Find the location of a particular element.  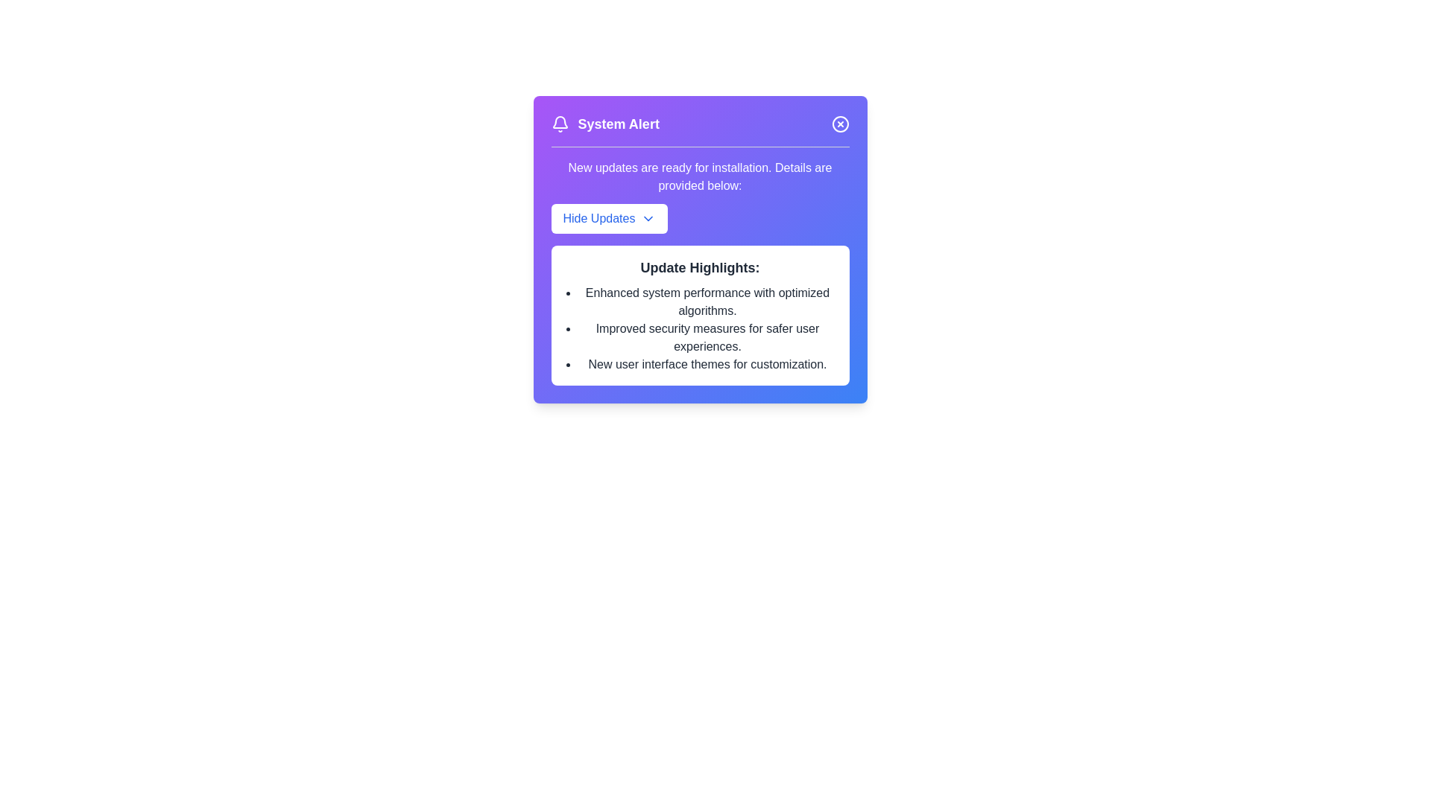

the 'Hide Updates' button to toggle the visibility of update details is located at coordinates (609, 218).